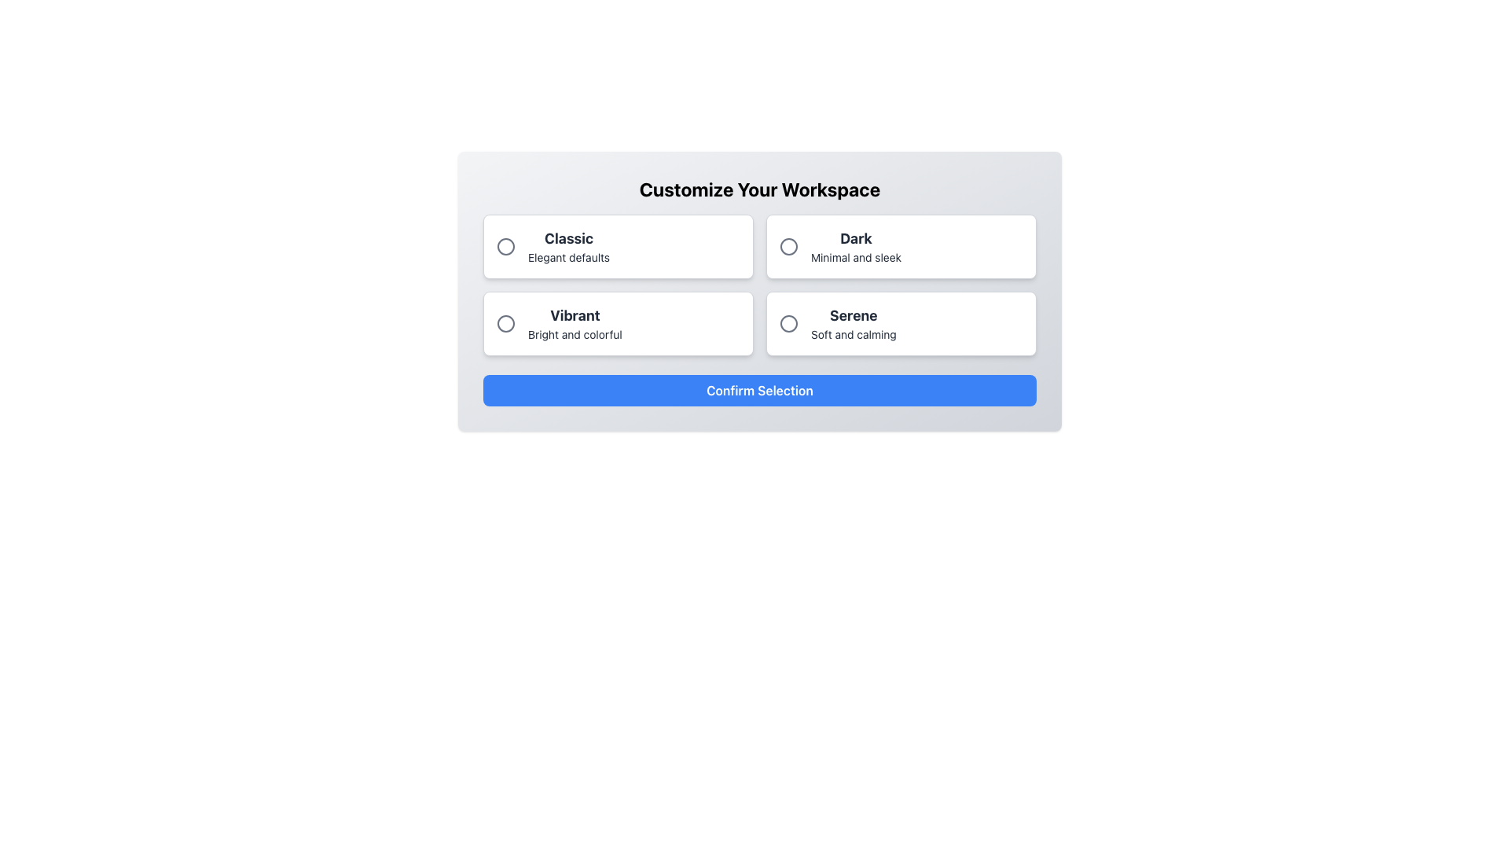 This screenshot has width=1509, height=849. What do you see at coordinates (618, 246) in the screenshot?
I see `the 'Classic' theme selectable card` at bounding box center [618, 246].